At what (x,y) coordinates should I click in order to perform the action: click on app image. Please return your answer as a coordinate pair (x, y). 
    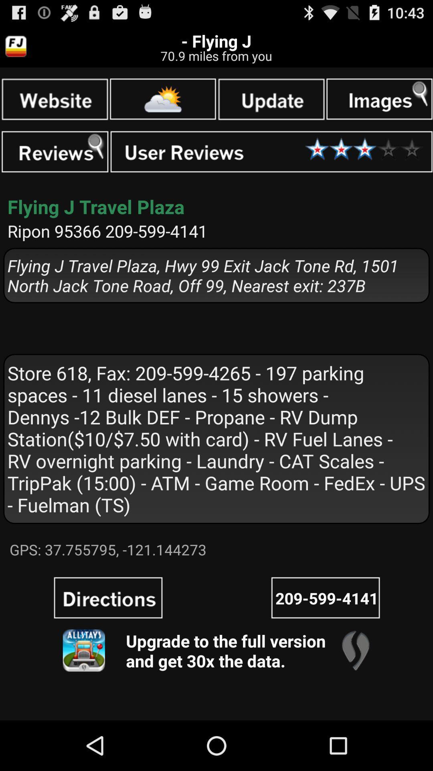
    Looking at the image, I should click on (84, 651).